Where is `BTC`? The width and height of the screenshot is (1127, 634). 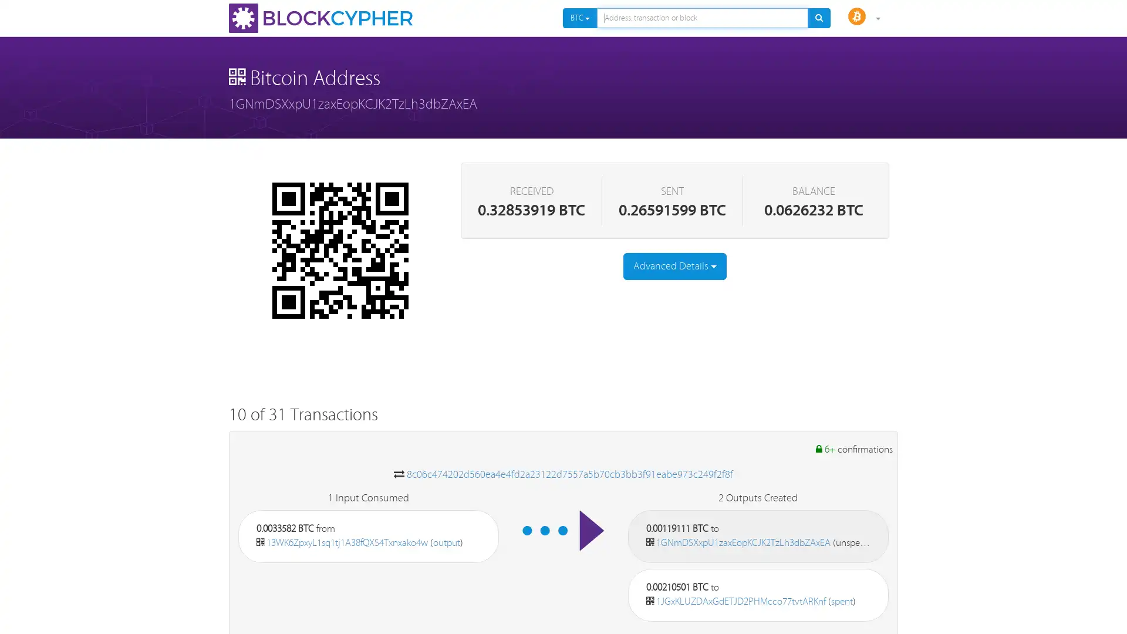
BTC is located at coordinates (580, 18).